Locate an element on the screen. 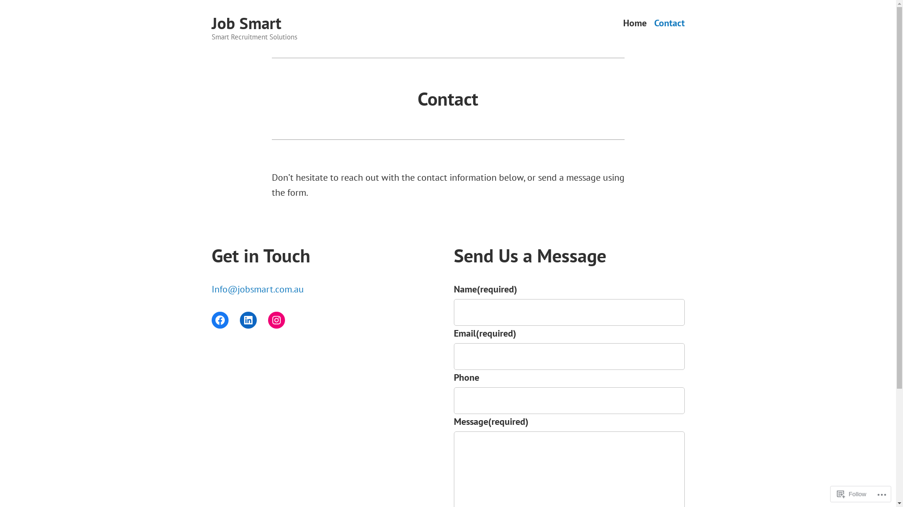 This screenshot has width=903, height=507. 'Info@jobsmart.com.au' is located at coordinates (257, 289).